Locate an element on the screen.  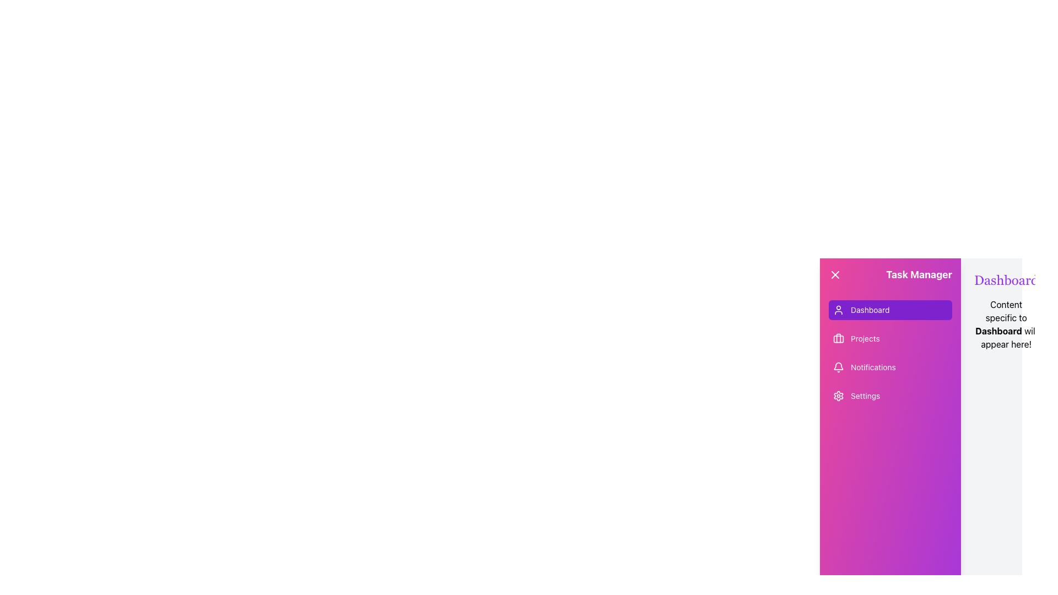
the 'Settings' text label in the navigation menu, which is positioned below 'Notifications' and aligned with a gear icon is located at coordinates (865, 395).